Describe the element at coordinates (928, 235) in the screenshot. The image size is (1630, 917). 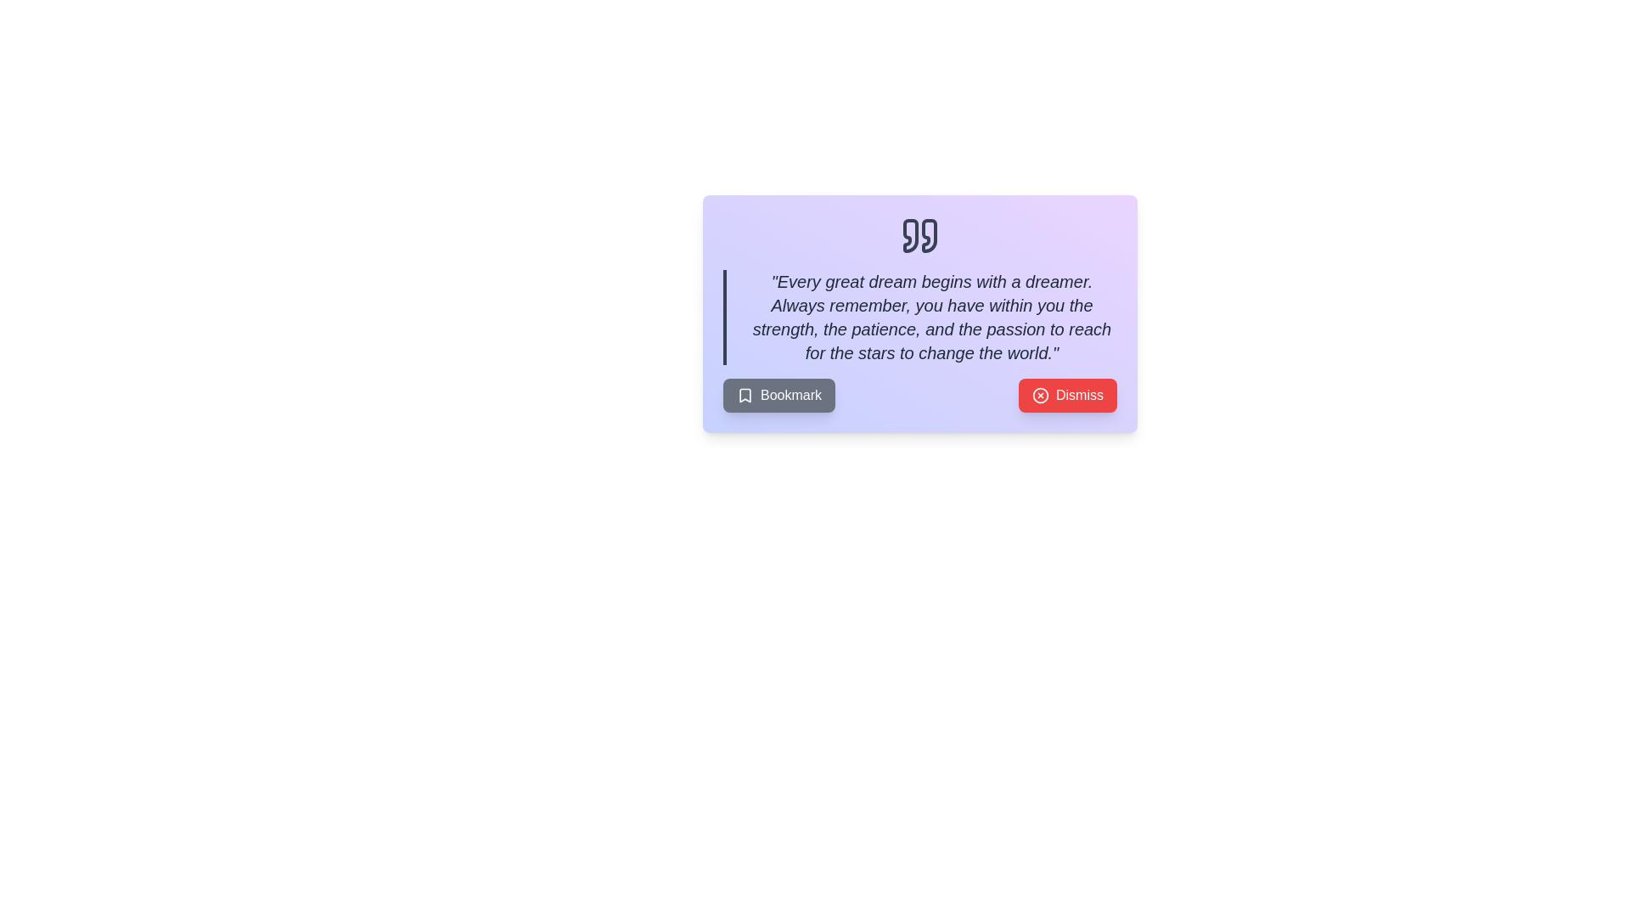
I see `the second curved graphical quotation mark icon located centrally in the header of the card-like component` at that location.